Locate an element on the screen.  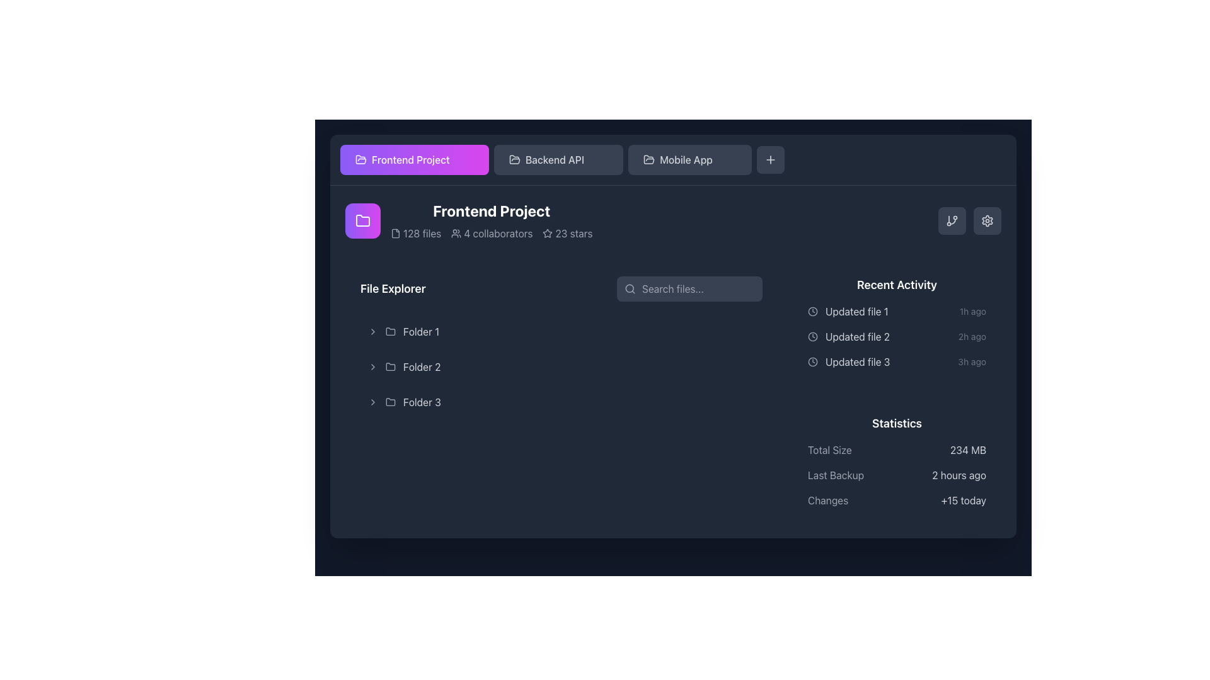
the Information banner located in the top-left section of the main content area, which provides key project information is located at coordinates (468, 220).